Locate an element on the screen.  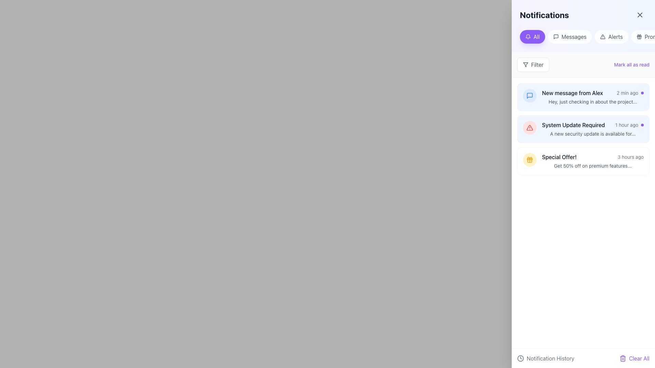
text label inside the filter button located at the top-right corner of the interface, positioned to the right of the bell icon, to understand the currently active filter for notifications is located at coordinates (536, 37).